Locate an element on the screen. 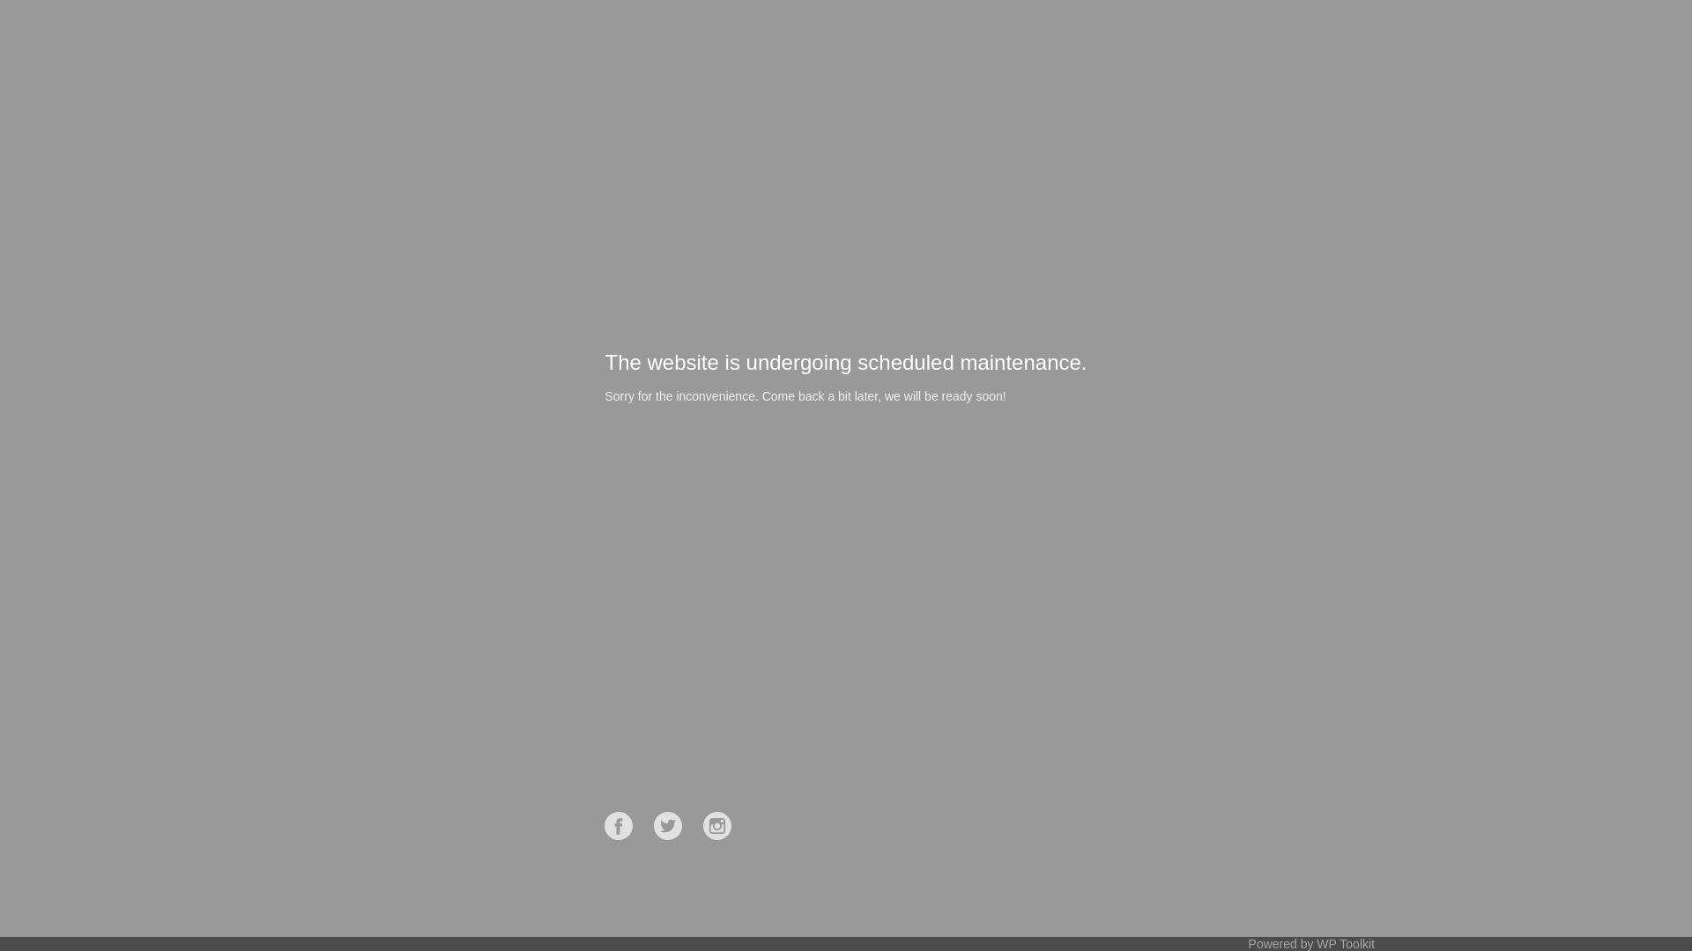 This screenshot has height=951, width=1692. 'Facebook' is located at coordinates (618, 825).